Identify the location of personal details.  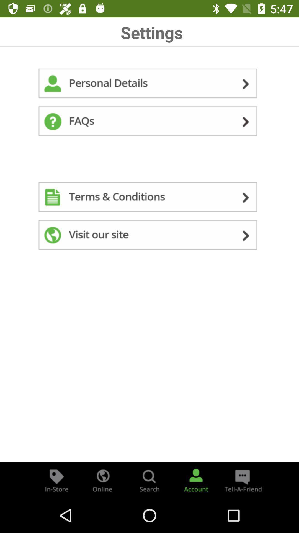
(149, 84).